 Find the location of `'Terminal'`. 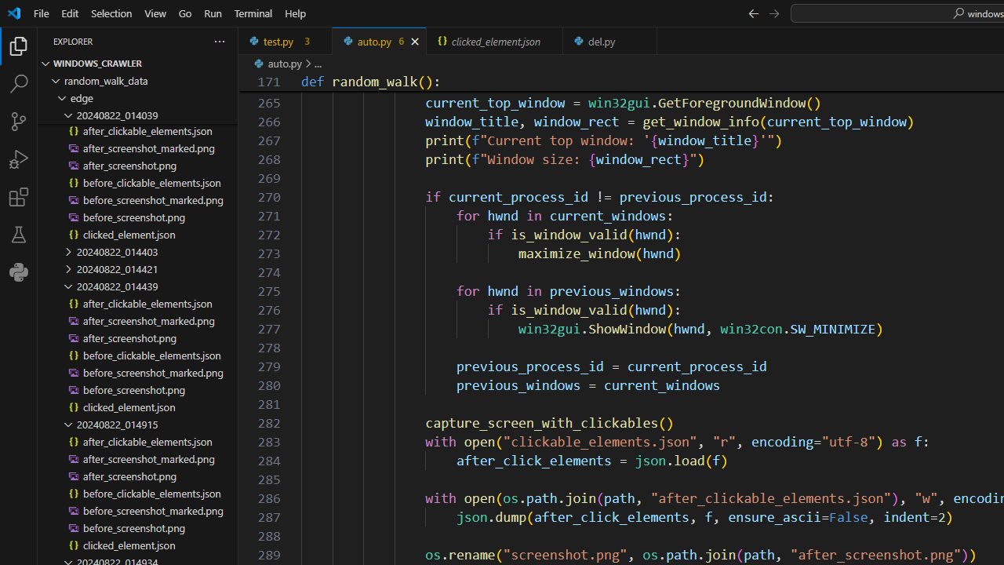

'Terminal' is located at coordinates (253, 13).